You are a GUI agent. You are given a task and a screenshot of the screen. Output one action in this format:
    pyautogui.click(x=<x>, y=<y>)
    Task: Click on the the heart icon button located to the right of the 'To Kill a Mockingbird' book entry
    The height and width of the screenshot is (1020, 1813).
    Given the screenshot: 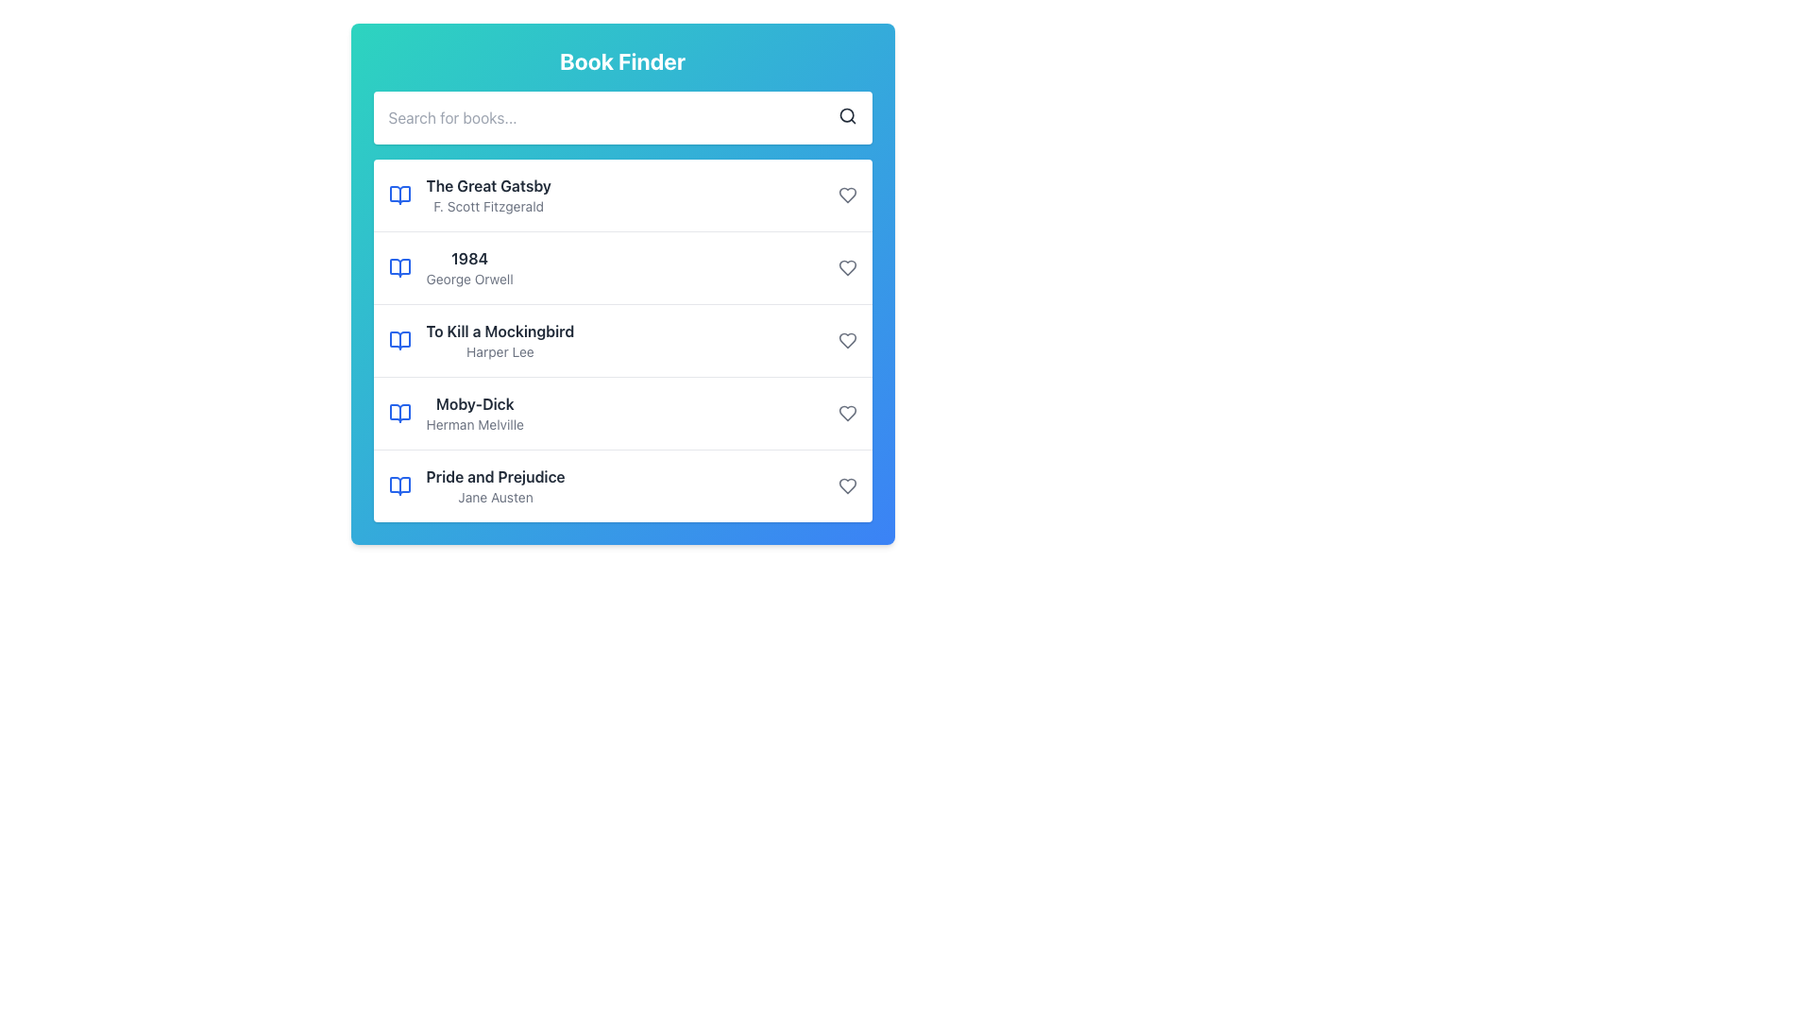 What is the action you would take?
    pyautogui.click(x=846, y=341)
    